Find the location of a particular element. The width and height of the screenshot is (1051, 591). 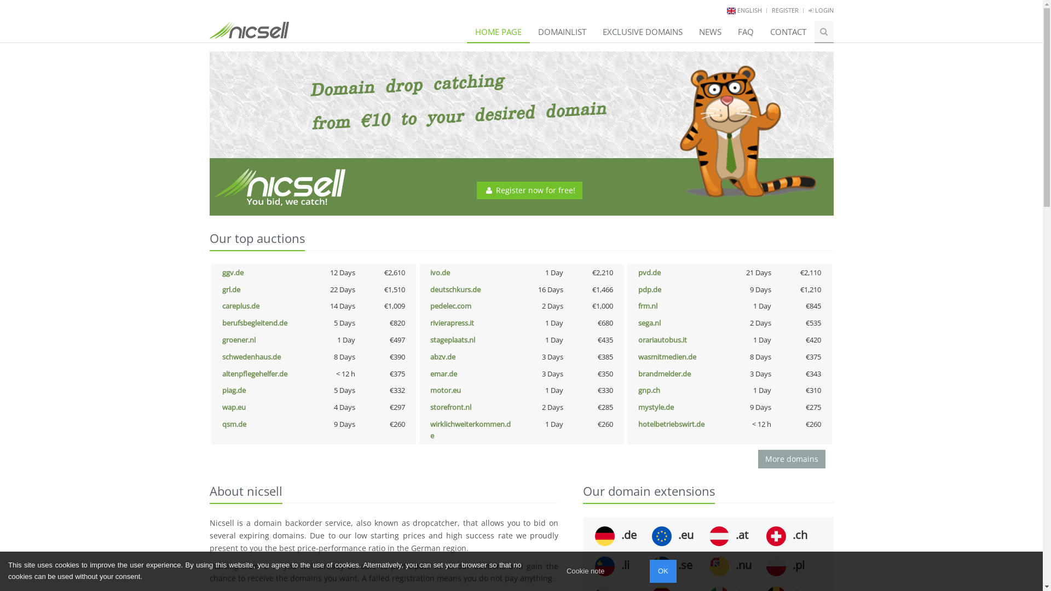

'HOME PAGE' is located at coordinates (497, 31).